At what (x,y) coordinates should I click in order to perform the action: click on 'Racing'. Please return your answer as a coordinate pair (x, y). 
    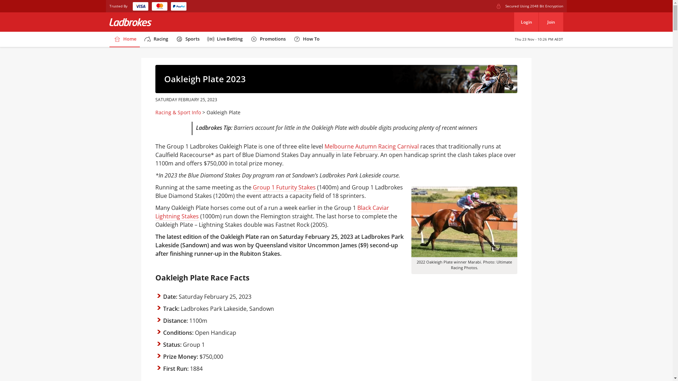
    Looking at the image, I should click on (155, 39).